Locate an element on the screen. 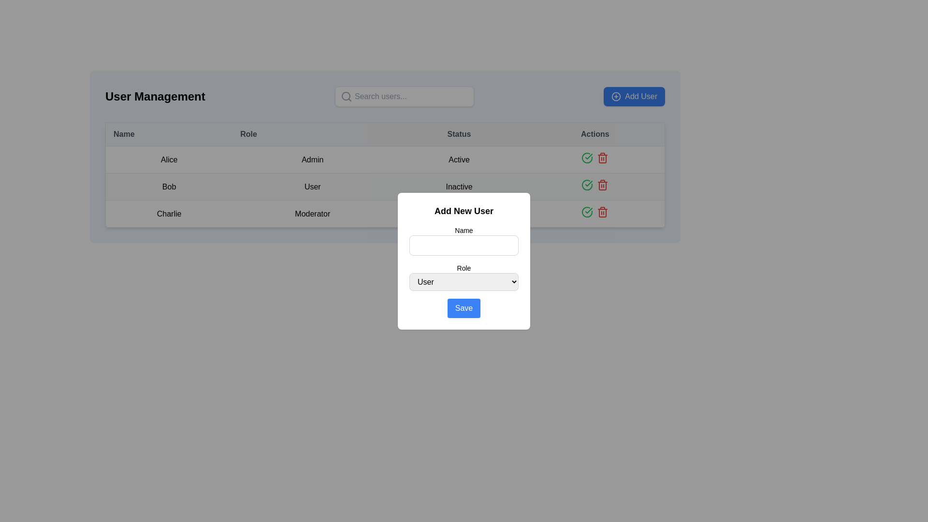  the confirmation button located in the 'Actions' column of the second row for the user 'Bob' with 'Inactive' status to confirm or activate the status is located at coordinates (587, 185).